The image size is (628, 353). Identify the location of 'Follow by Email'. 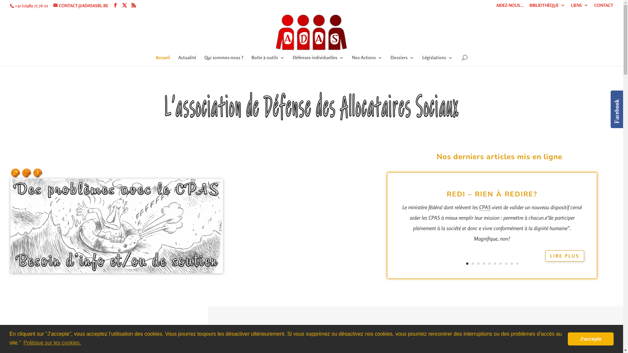
(22, 173).